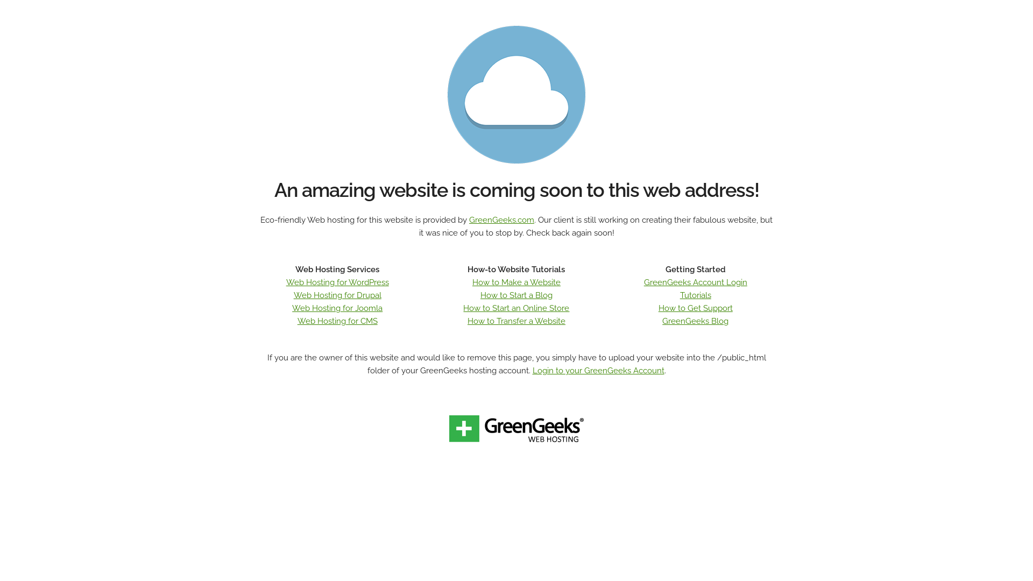  I want to click on 'GreenGeeks Blog', so click(695, 321).